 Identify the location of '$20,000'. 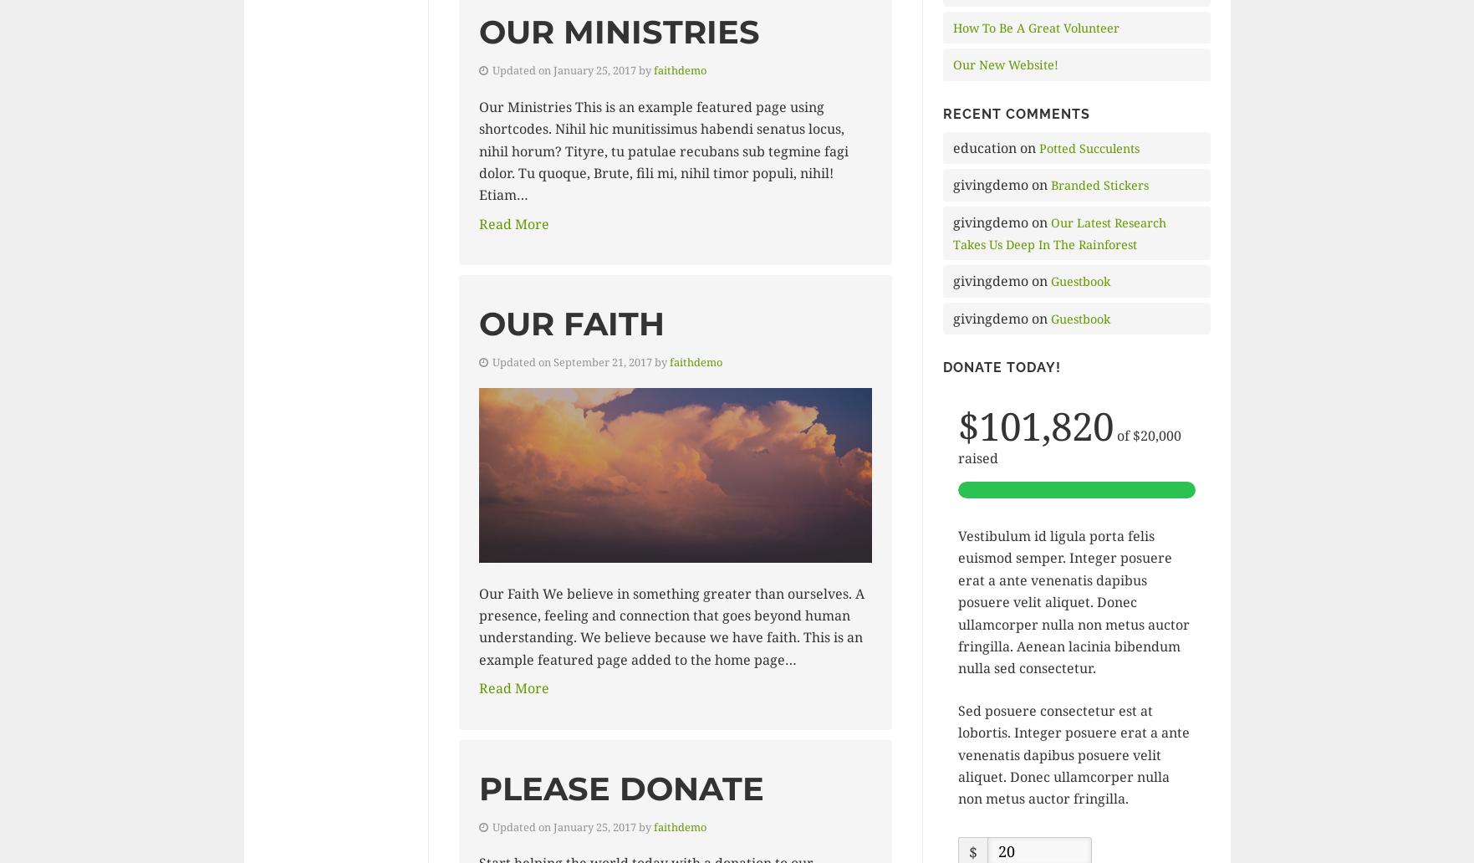
(1155, 435).